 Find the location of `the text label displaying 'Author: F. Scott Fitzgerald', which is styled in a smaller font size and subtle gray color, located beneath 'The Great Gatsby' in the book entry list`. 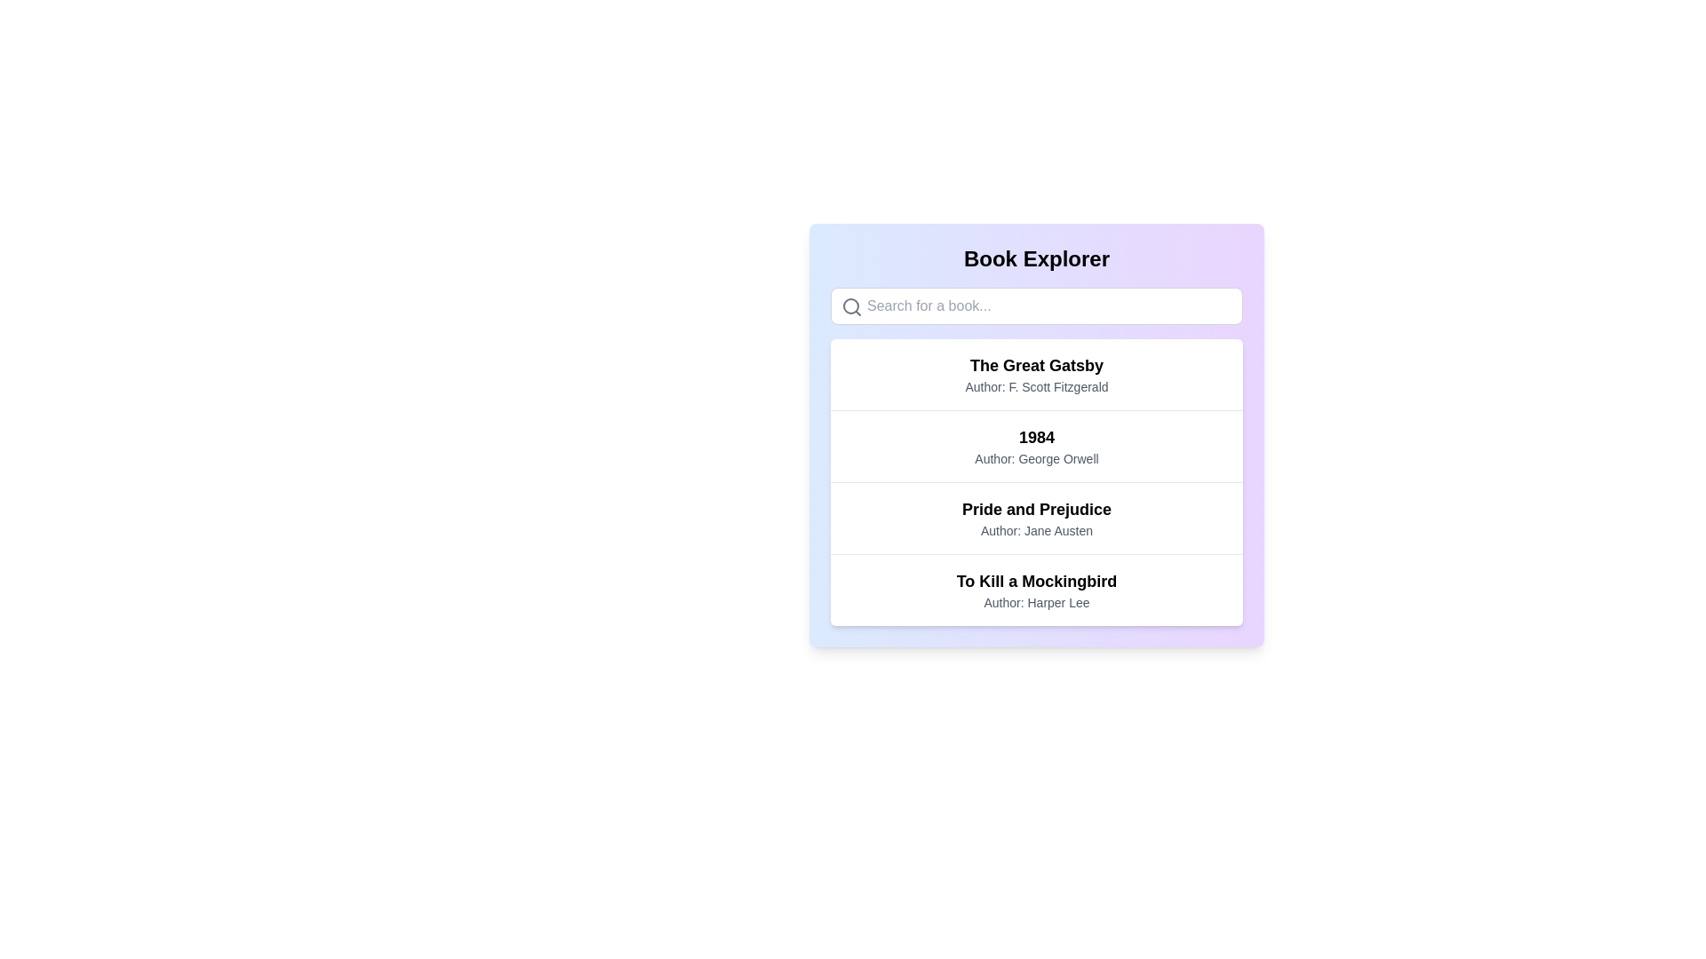

the text label displaying 'Author: F. Scott Fitzgerald', which is styled in a smaller font size and subtle gray color, located beneath 'The Great Gatsby' in the book entry list is located at coordinates (1036, 385).